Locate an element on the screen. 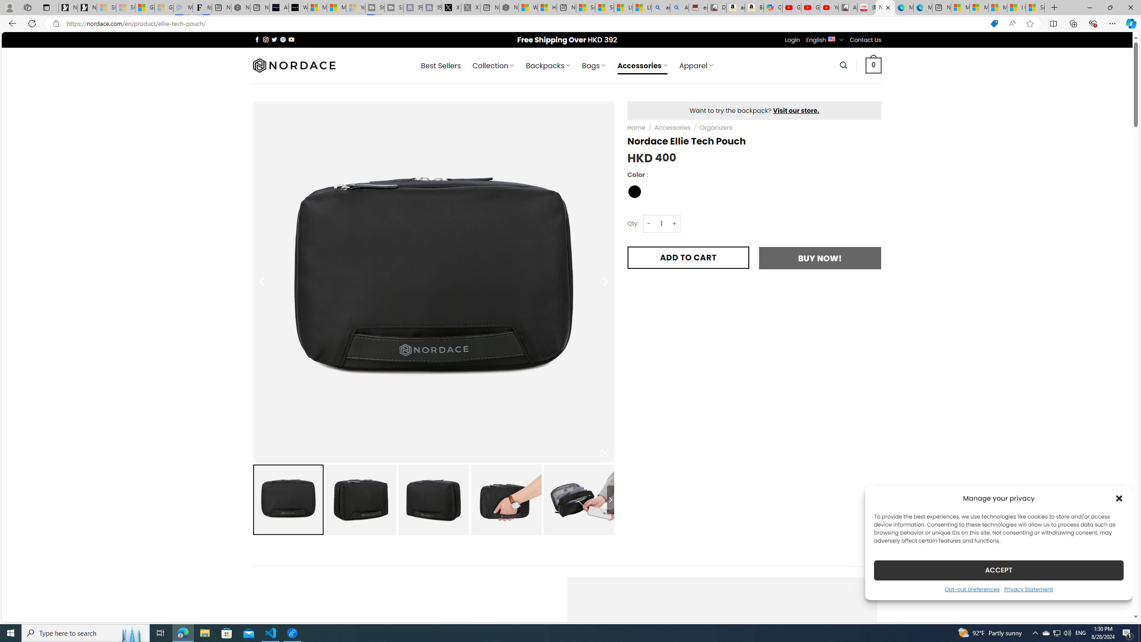  ' 0 ' is located at coordinates (874, 65).